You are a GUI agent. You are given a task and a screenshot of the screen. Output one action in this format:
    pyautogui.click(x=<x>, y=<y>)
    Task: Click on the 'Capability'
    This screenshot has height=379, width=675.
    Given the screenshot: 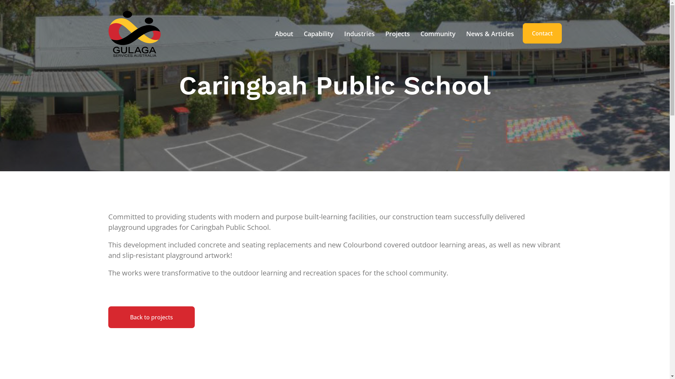 What is the action you would take?
    pyautogui.click(x=302, y=34)
    